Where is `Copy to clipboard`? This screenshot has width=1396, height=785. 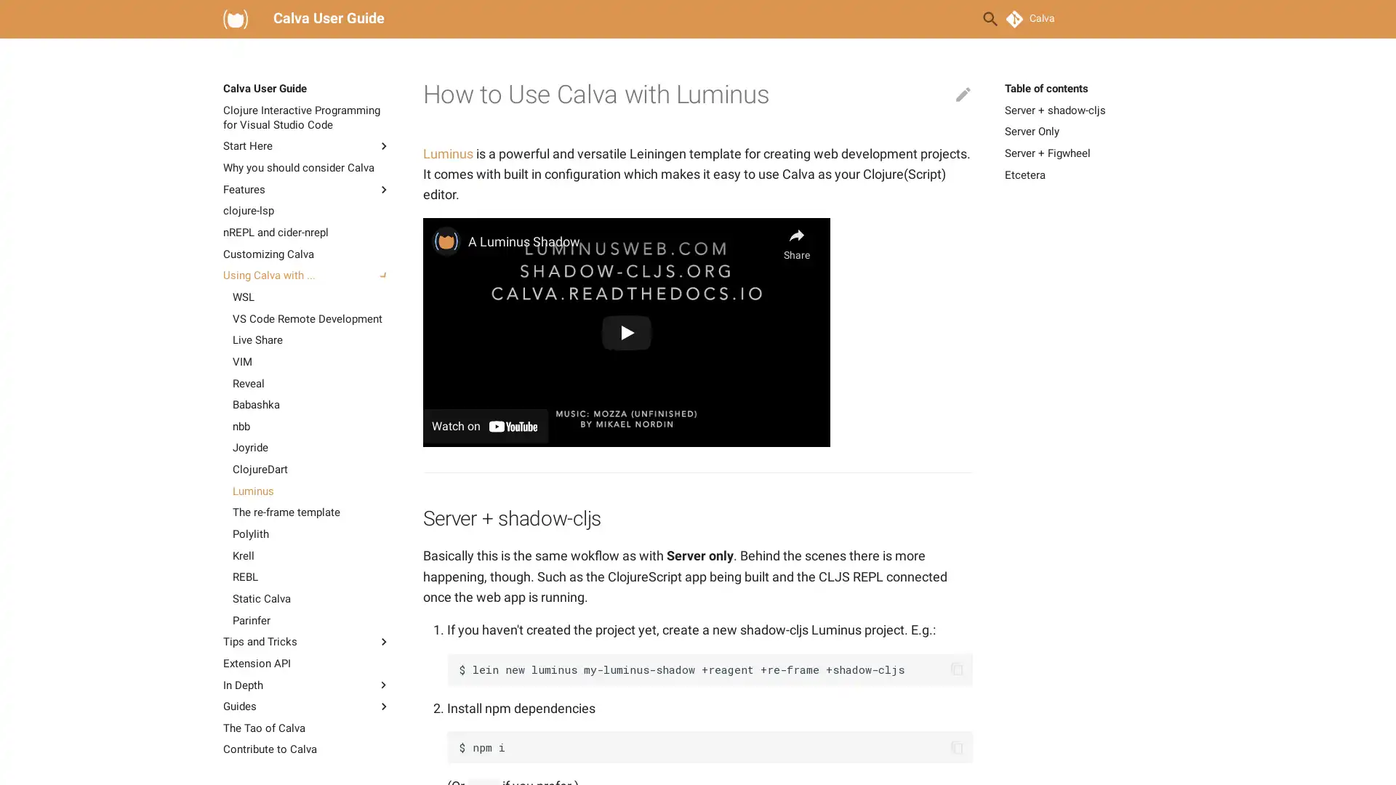 Copy to clipboard is located at coordinates (956, 669).